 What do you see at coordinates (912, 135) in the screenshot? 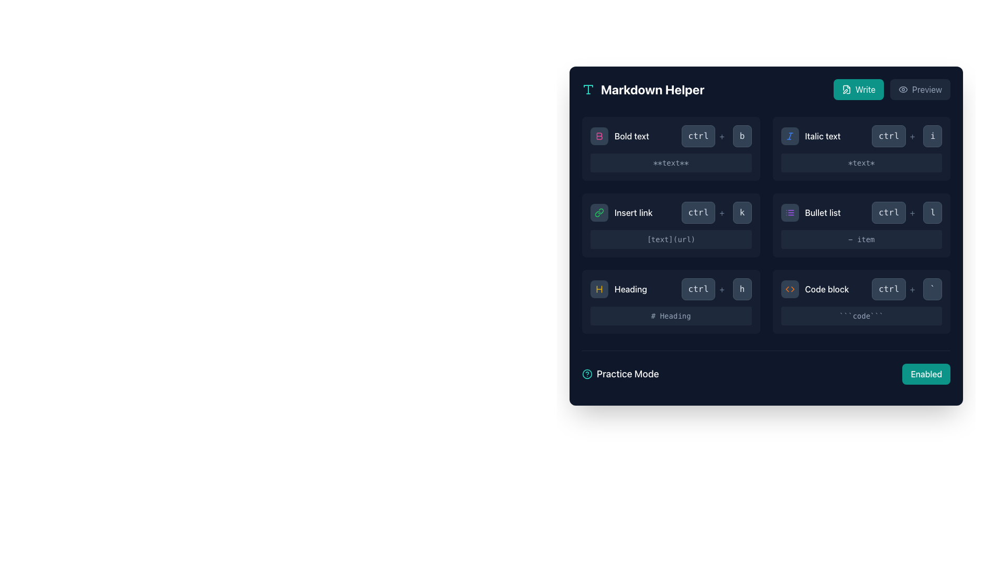
I see `the static text element that visually links the 'ctrl' and 'i' keyboard shortcut components in the Markdown Helper interface` at bounding box center [912, 135].